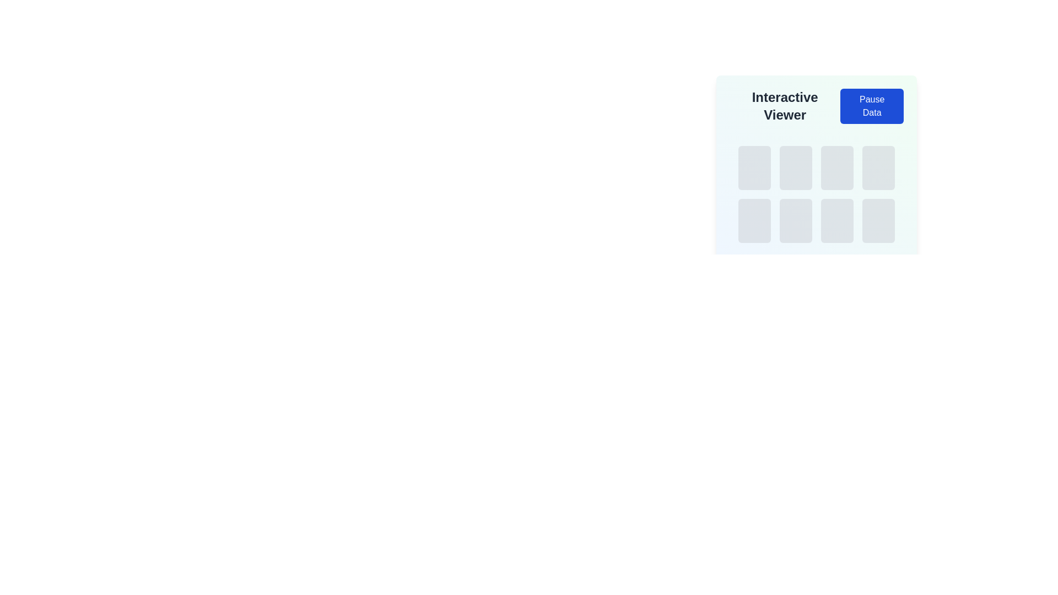 The image size is (1058, 595). What do you see at coordinates (837, 167) in the screenshot?
I see `the Skeleton placeholder located as the third item in the first row of a 4-column grid, below the title 'Interactive Viewer'` at bounding box center [837, 167].